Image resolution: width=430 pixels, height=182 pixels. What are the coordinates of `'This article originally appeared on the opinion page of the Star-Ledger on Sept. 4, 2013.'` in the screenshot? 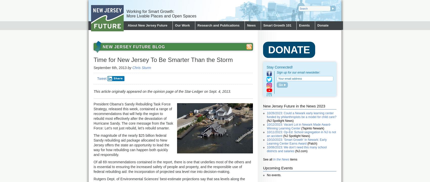 It's located at (162, 92).